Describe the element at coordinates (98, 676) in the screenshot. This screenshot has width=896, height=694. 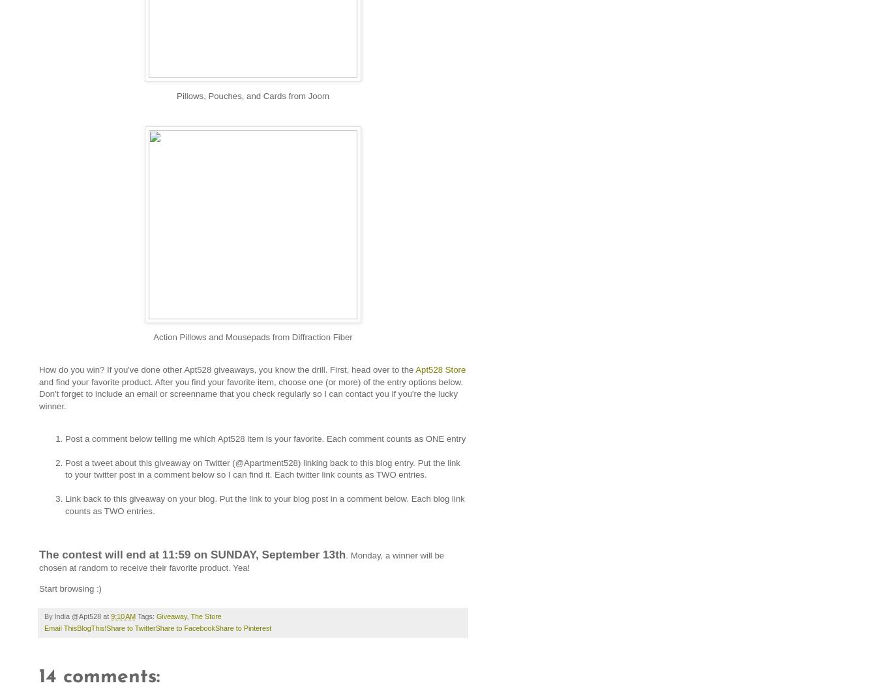
I see `'14 comments:'` at that location.